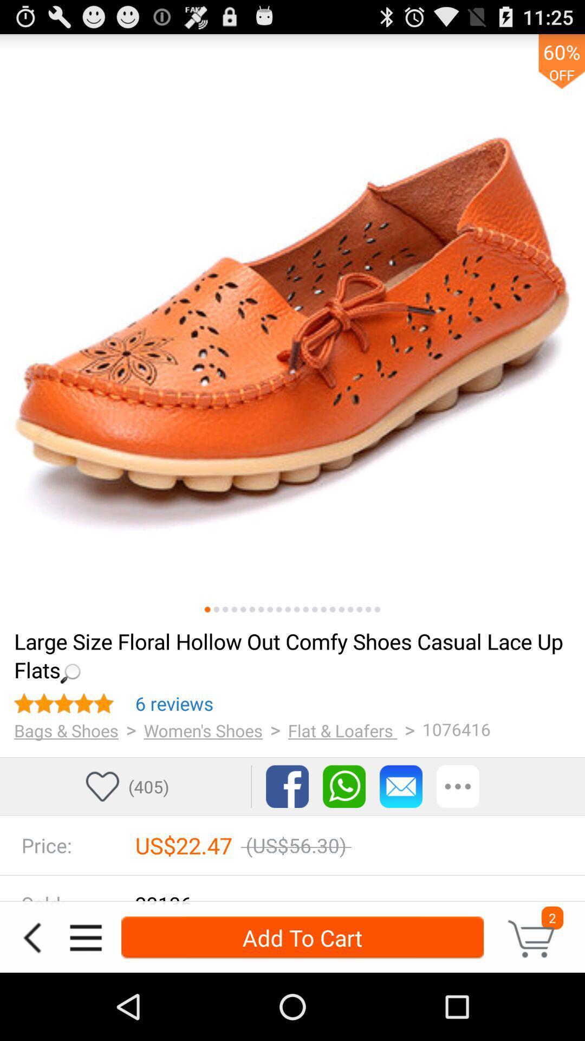 The width and height of the screenshot is (585, 1041). What do you see at coordinates (323, 609) in the screenshot?
I see `next picture` at bounding box center [323, 609].